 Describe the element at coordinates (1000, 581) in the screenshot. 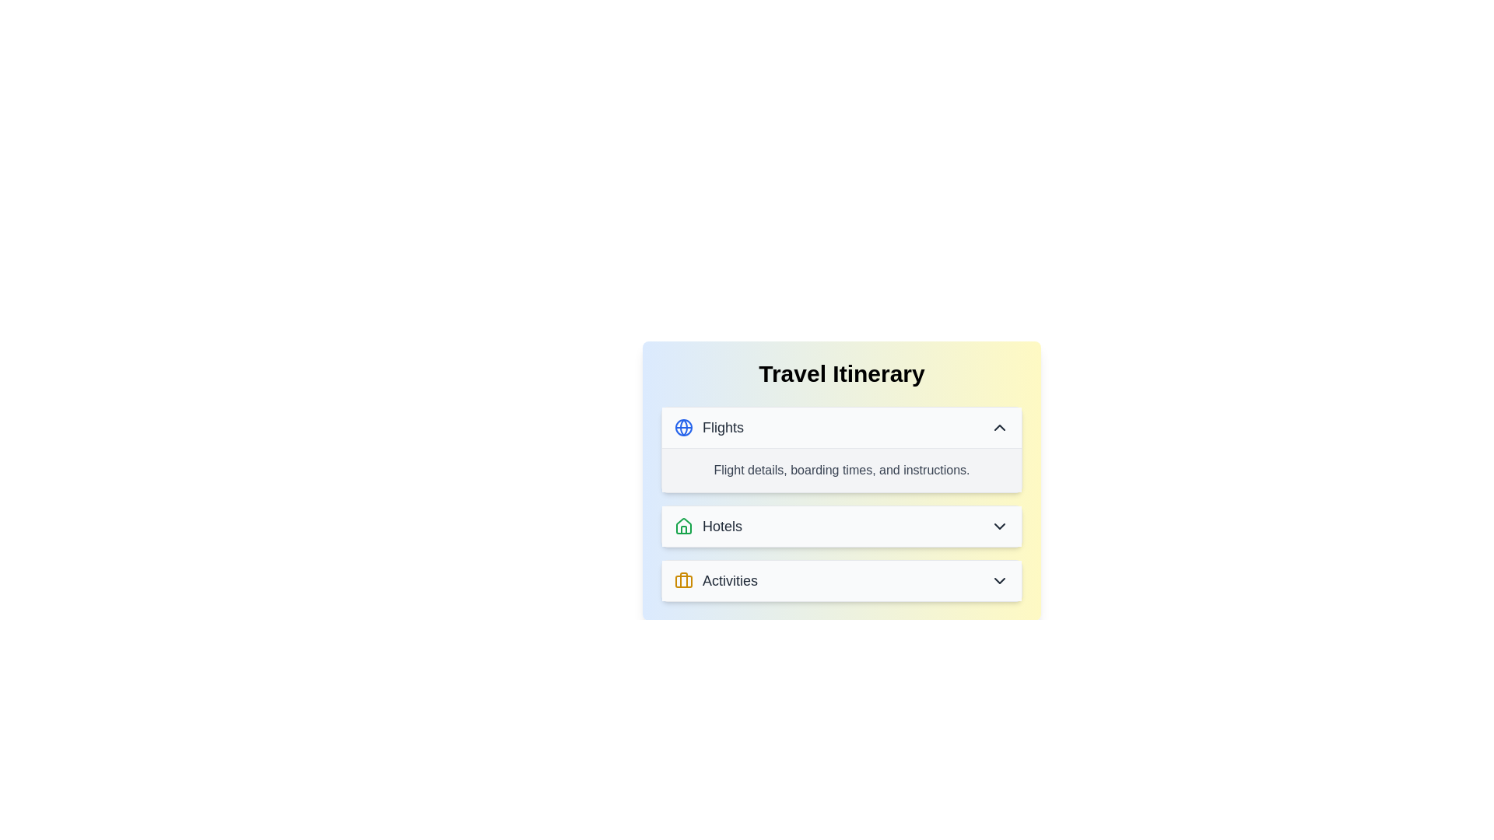

I see `the downward-pointing chevron icon button located in the 'Activities' section` at that location.